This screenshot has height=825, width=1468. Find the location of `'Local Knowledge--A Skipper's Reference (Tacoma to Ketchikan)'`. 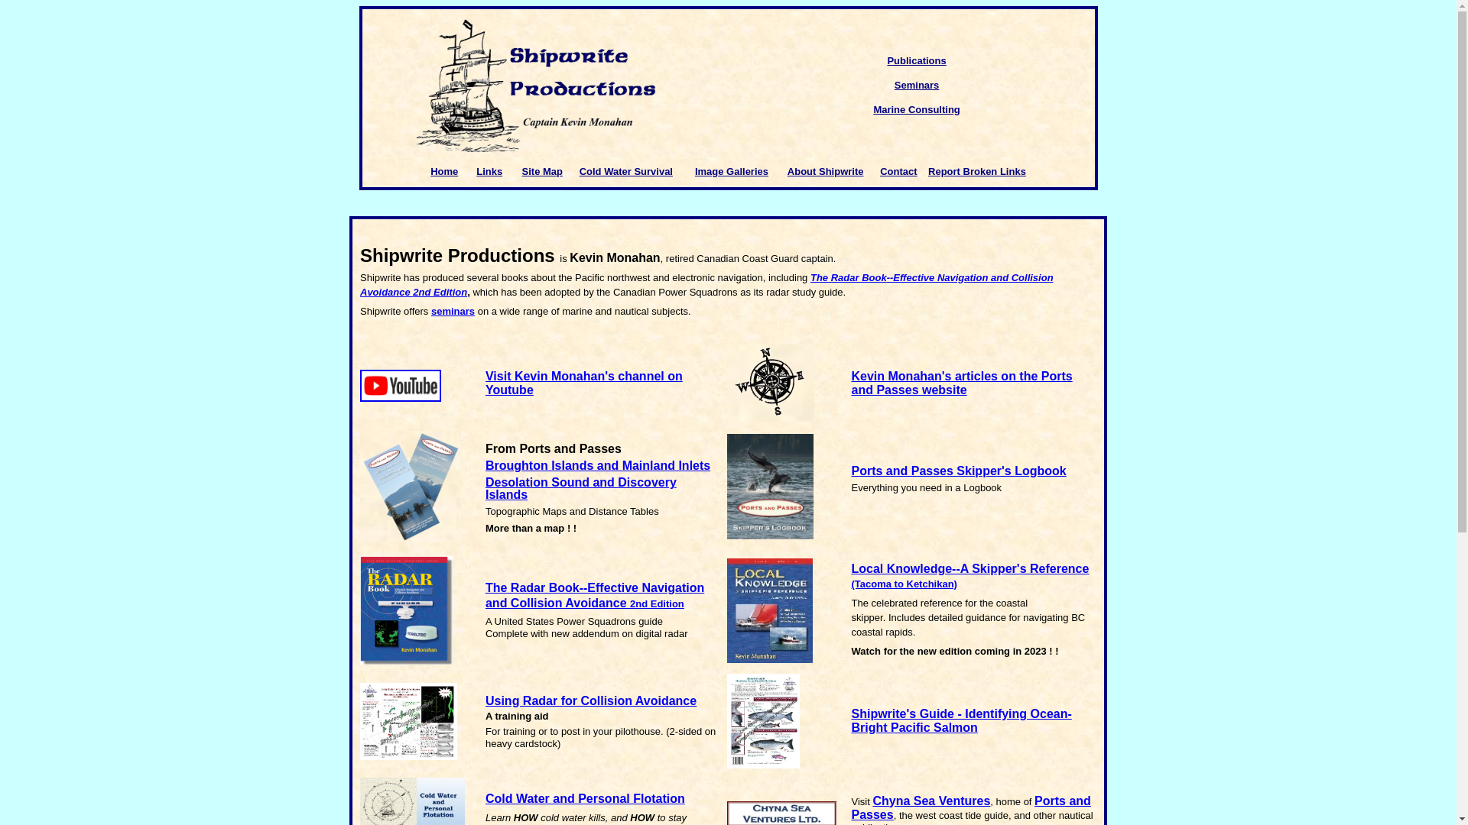

'Local Knowledge--A Skipper's Reference (Tacoma to Ketchikan)' is located at coordinates (969, 575).